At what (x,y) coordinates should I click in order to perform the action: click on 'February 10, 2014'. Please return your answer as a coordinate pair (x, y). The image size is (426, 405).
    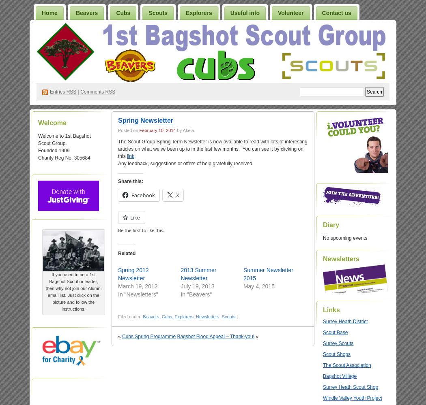
    Looking at the image, I should click on (157, 130).